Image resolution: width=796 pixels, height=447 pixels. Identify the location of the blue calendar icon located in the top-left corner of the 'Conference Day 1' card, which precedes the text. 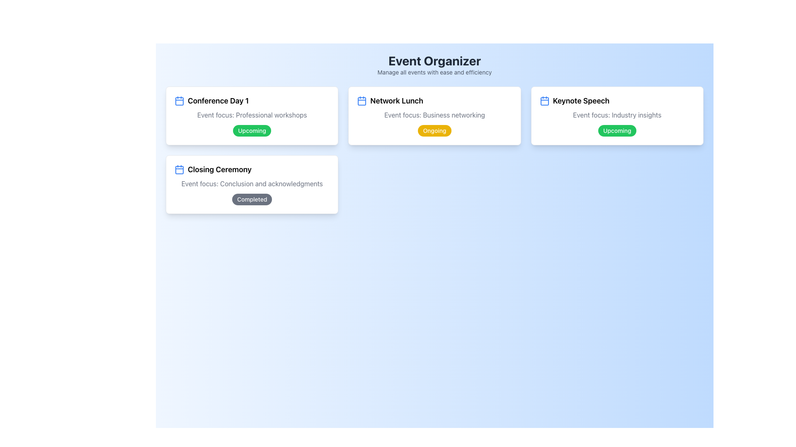
(179, 100).